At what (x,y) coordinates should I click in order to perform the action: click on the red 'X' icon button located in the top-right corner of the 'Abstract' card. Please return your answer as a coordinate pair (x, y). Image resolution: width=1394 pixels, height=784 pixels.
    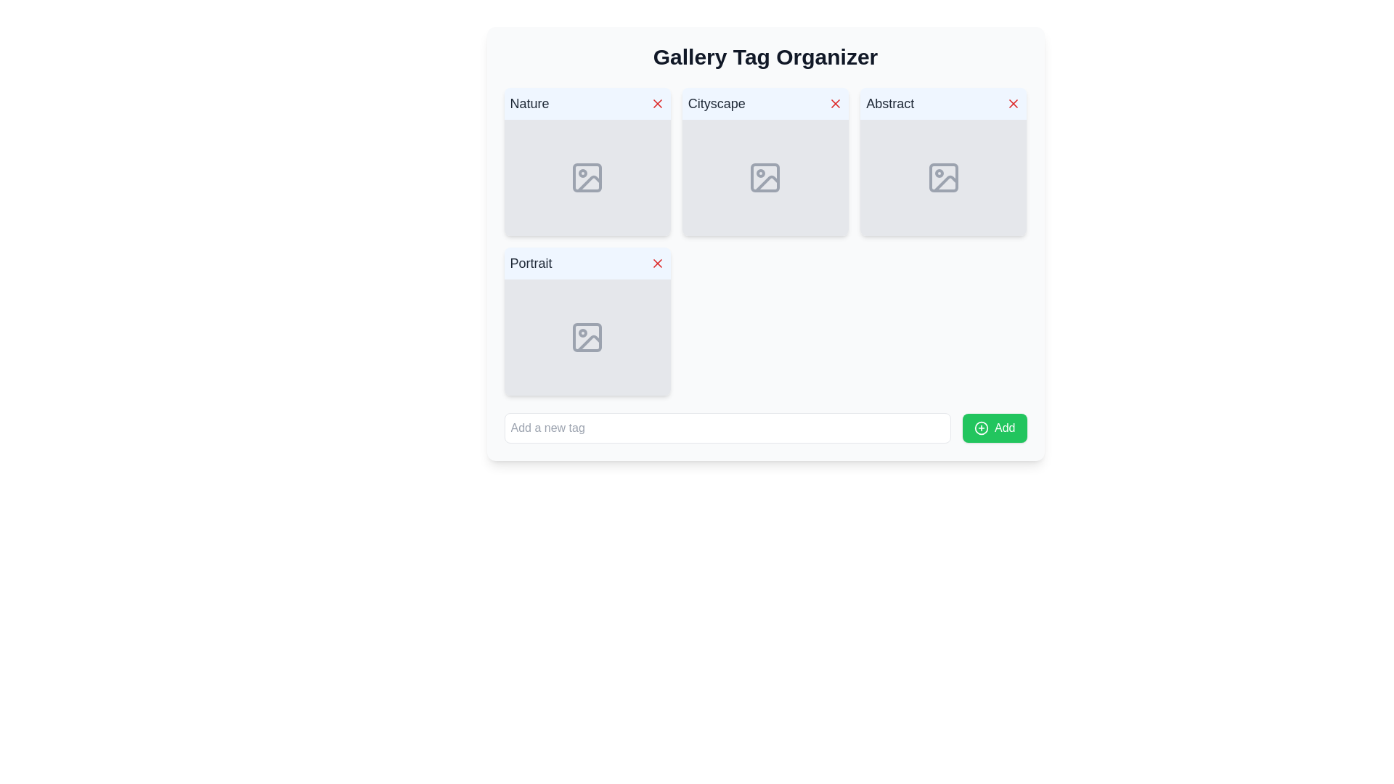
    Looking at the image, I should click on (1013, 102).